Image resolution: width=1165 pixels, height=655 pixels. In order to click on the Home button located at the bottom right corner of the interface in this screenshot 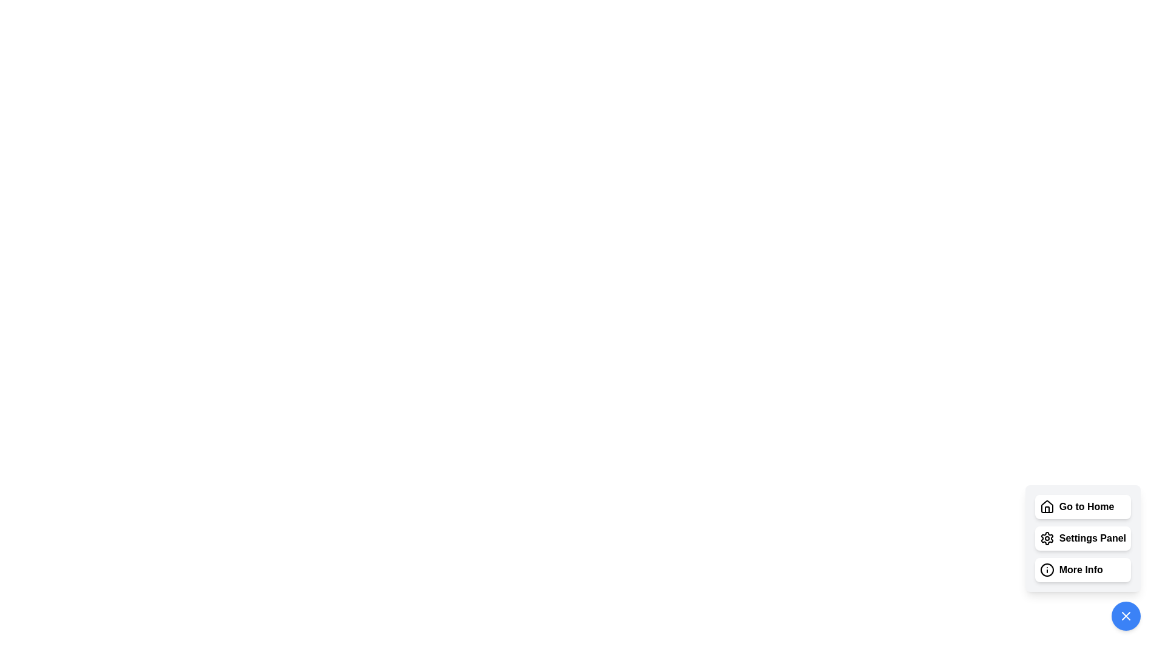, I will do `click(1082, 507)`.